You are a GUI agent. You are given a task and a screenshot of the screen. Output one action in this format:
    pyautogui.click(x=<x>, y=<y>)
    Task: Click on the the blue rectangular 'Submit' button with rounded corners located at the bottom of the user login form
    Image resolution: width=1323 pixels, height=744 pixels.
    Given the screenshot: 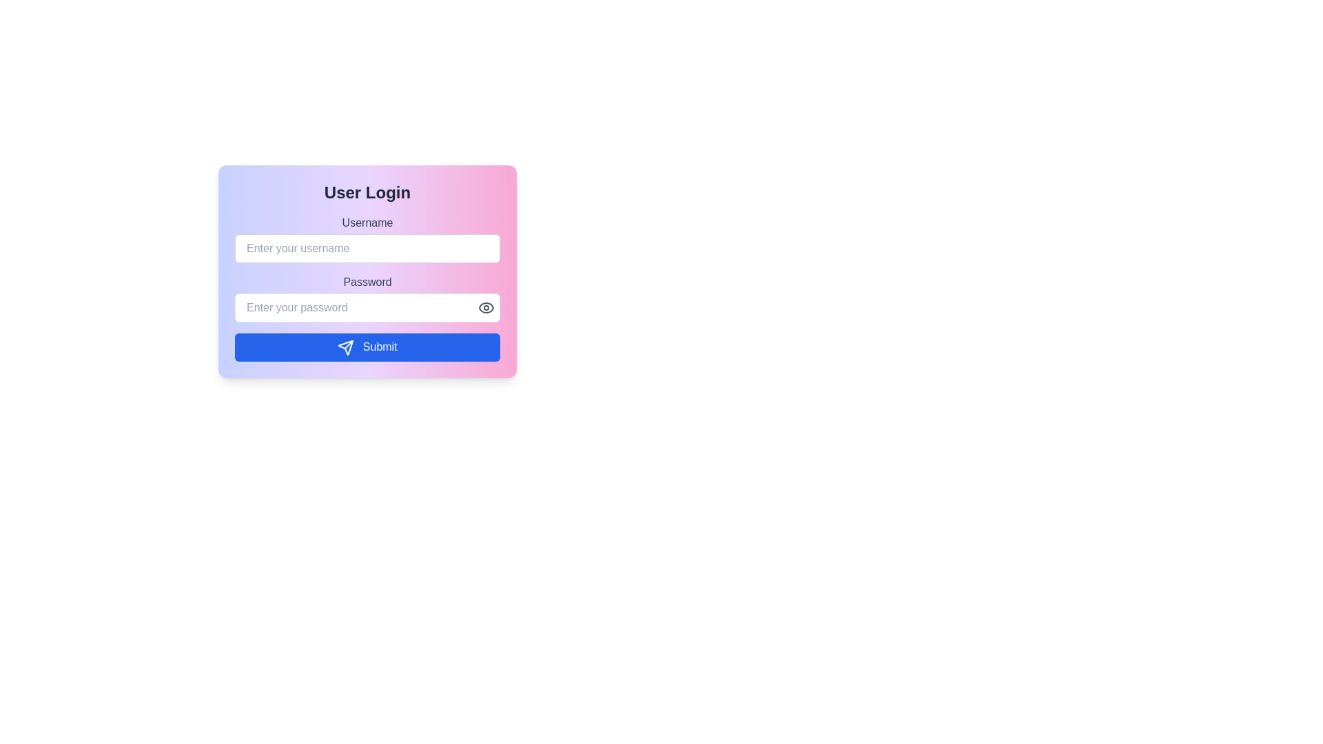 What is the action you would take?
    pyautogui.click(x=367, y=347)
    